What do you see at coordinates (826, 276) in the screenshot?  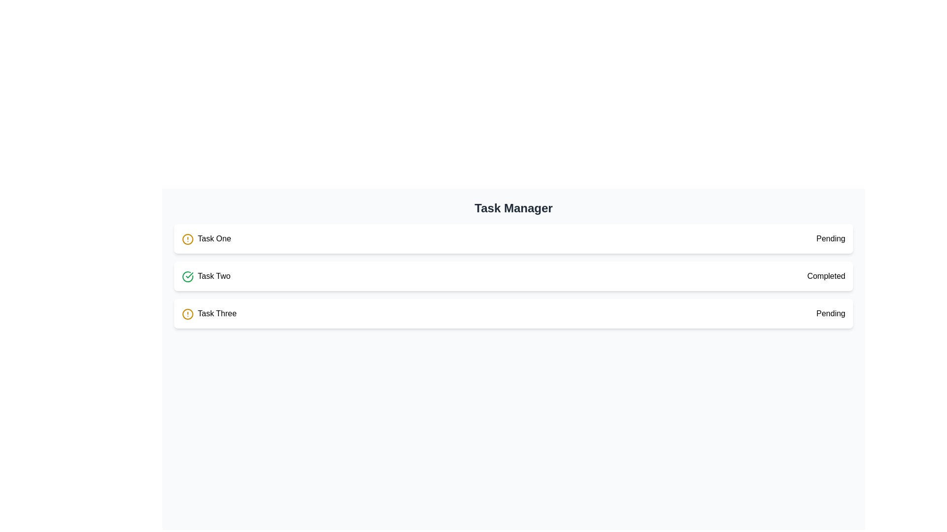 I see `the static text label displaying 'Completed' for the second task box, which is aligned with 'Task Two' on the left` at bounding box center [826, 276].